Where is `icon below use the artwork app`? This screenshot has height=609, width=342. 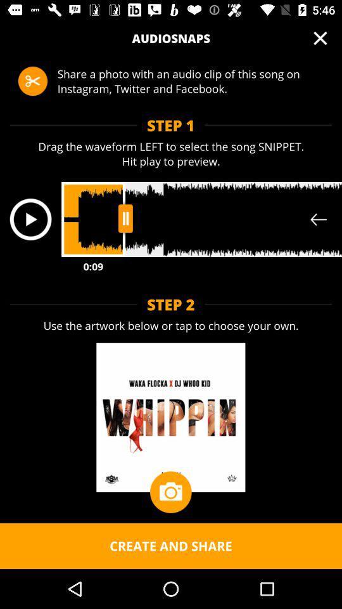
icon below use the artwork app is located at coordinates (170, 492).